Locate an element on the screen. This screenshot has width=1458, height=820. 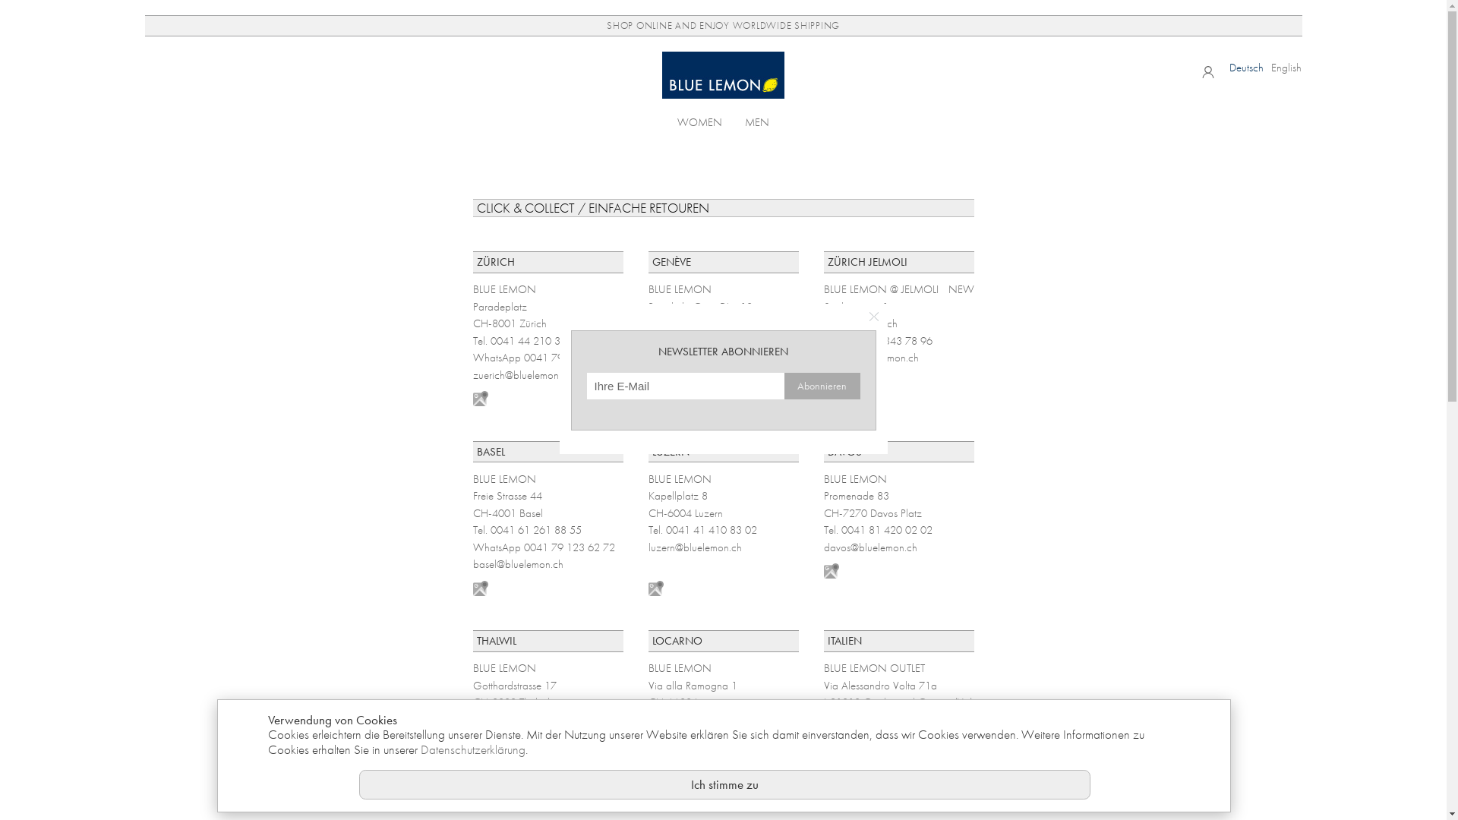
'luzern@bluelemon.ch' is located at coordinates (694, 547).